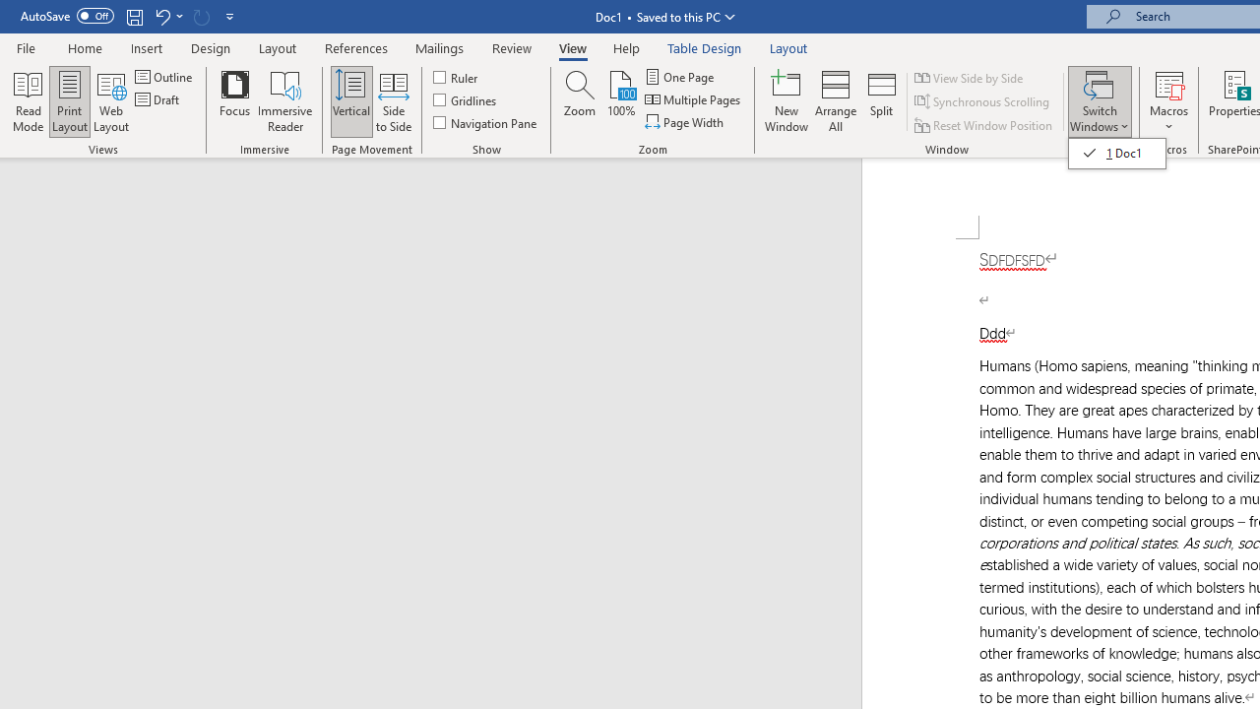  Describe the element at coordinates (1099, 101) in the screenshot. I see `'Switch Windows'` at that location.